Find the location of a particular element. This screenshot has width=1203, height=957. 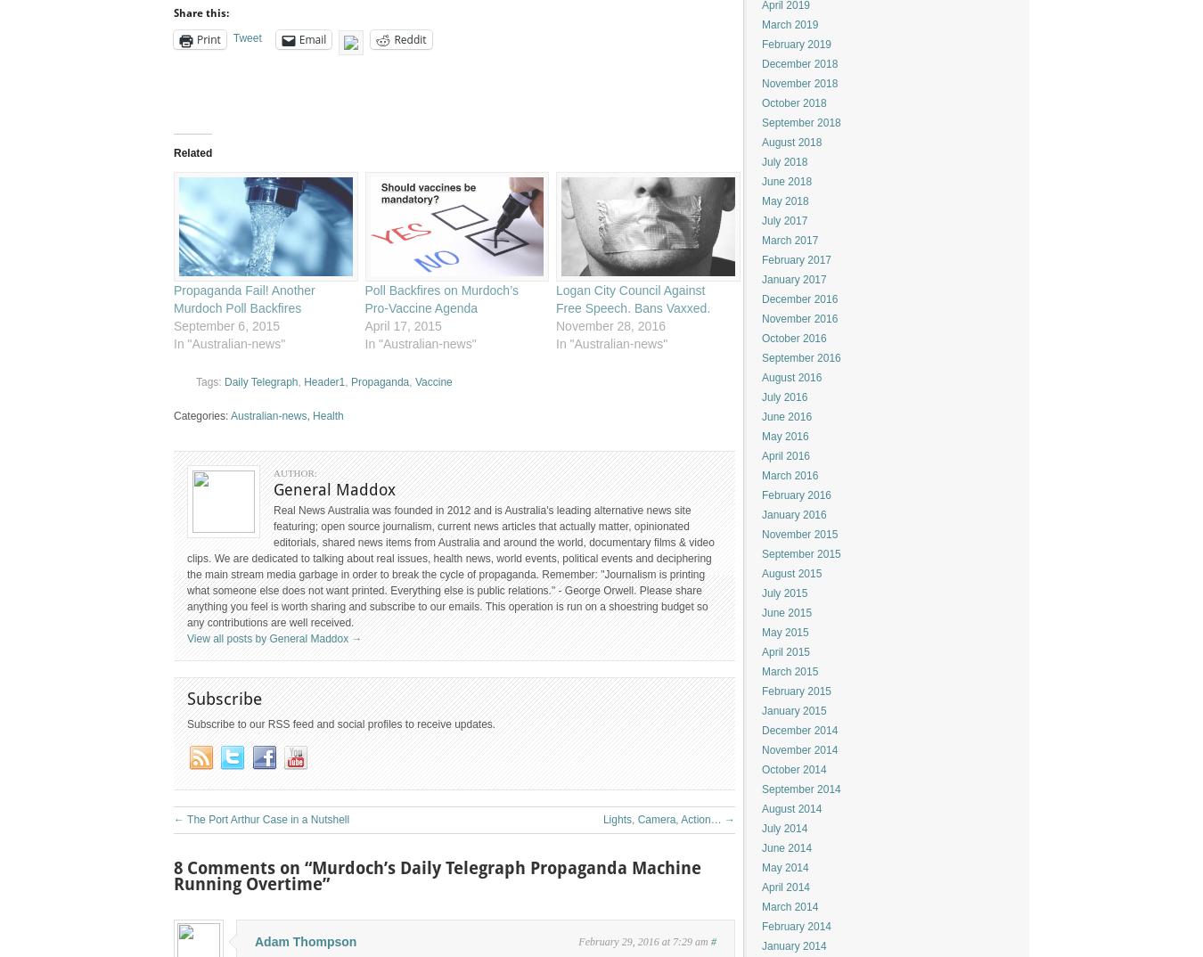

'Adam Thompson' is located at coordinates (254, 942).